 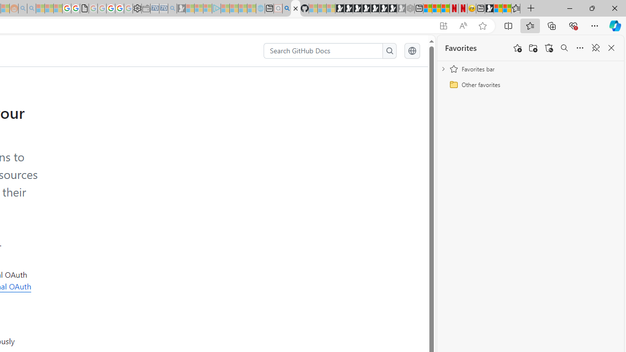 What do you see at coordinates (84, 8) in the screenshot?
I see `'google_privacy_policy_zh-CN.pdf'` at bounding box center [84, 8].